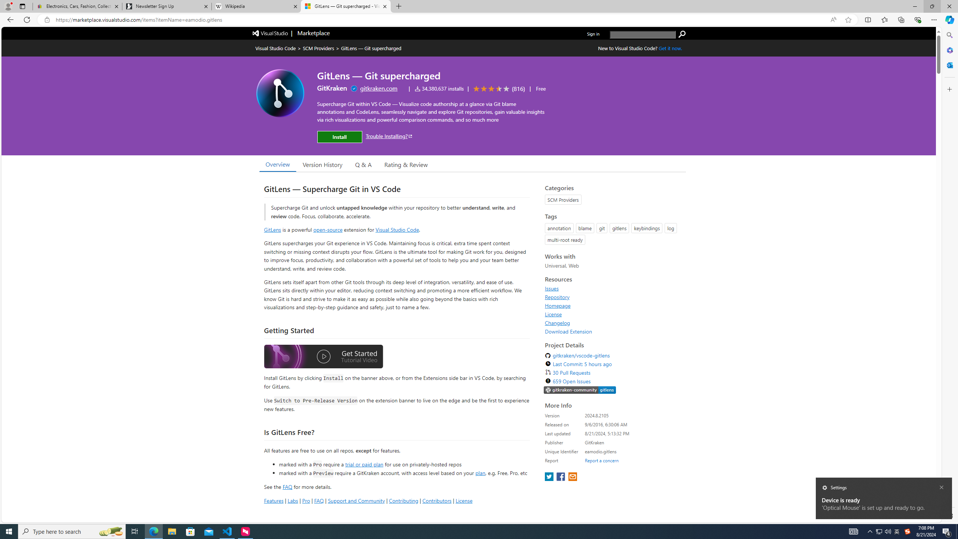 Image resolution: width=958 pixels, height=539 pixels. I want to click on 'trial or paid plan', so click(363, 463).